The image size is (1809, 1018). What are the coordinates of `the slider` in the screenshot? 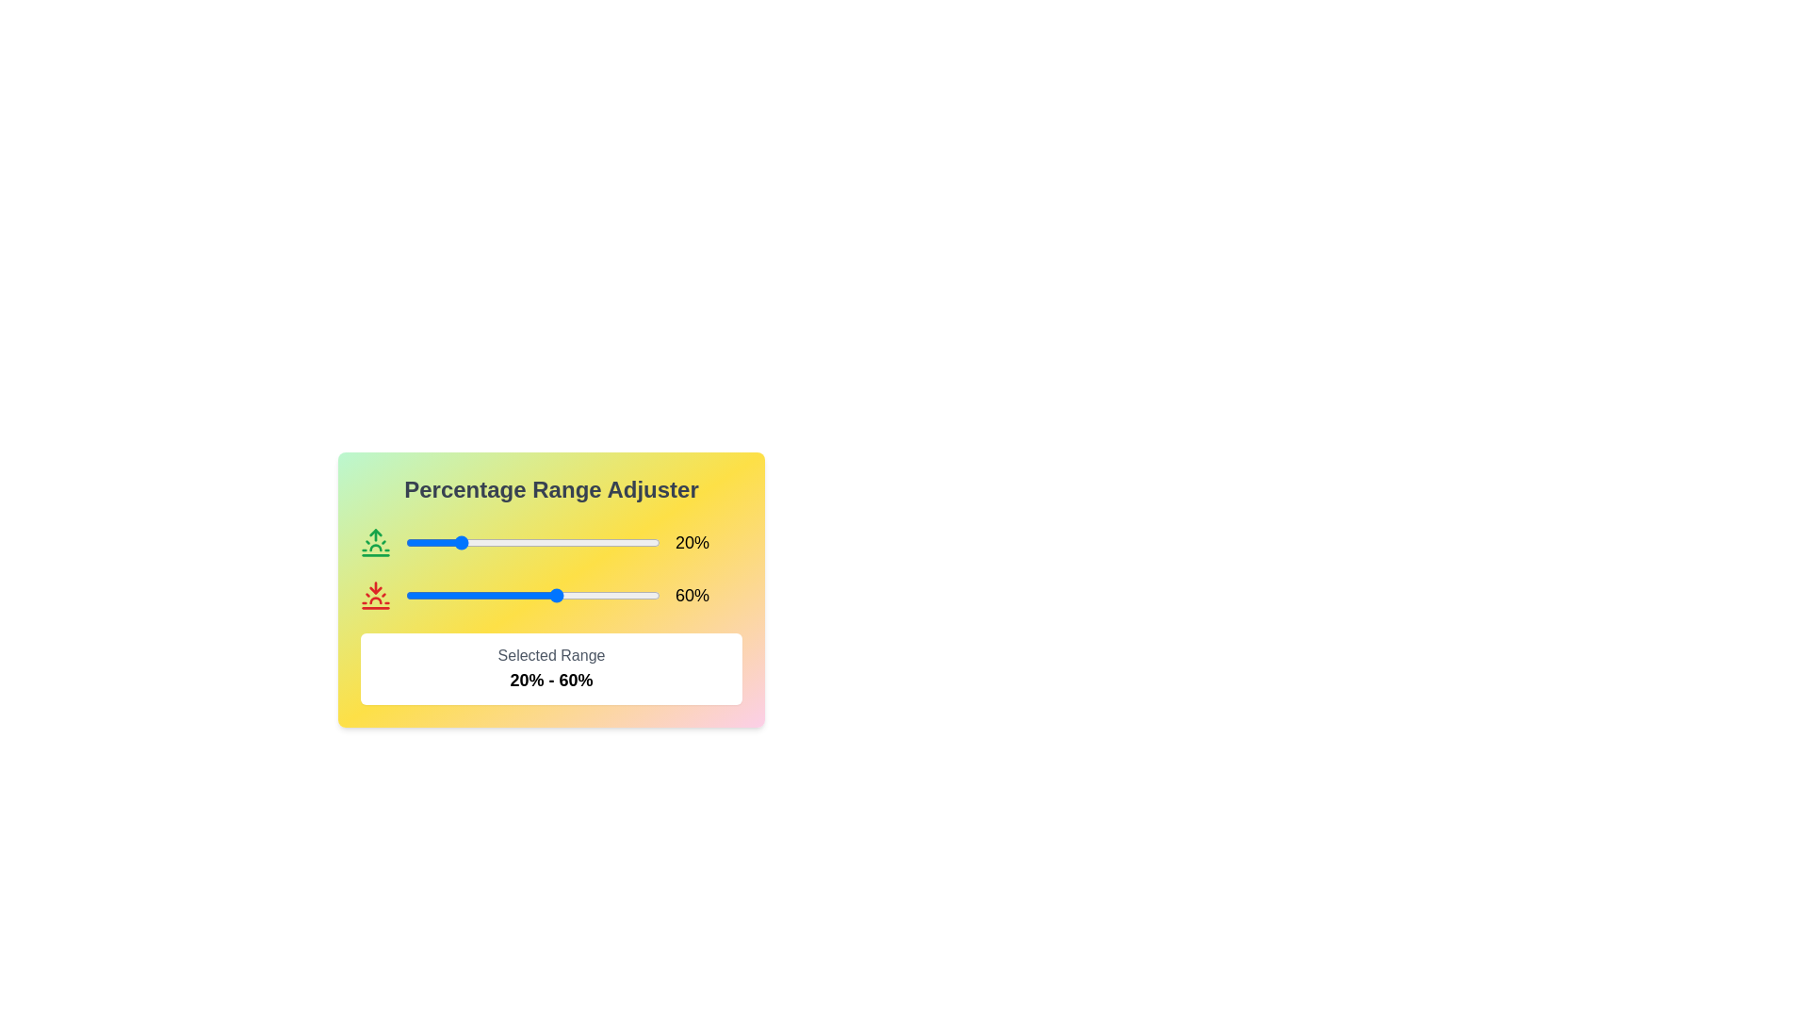 It's located at (520, 542).